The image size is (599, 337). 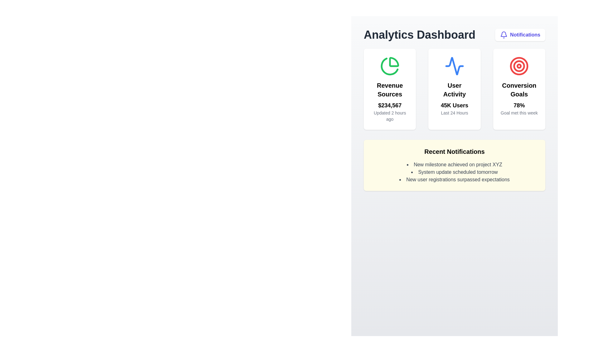 What do you see at coordinates (389, 66) in the screenshot?
I see `the green circular pie chart icon with a cut-out wedge segment located at the top-center of the 'Revenue Sources' card in the 'Analytics Dashboard'` at bounding box center [389, 66].